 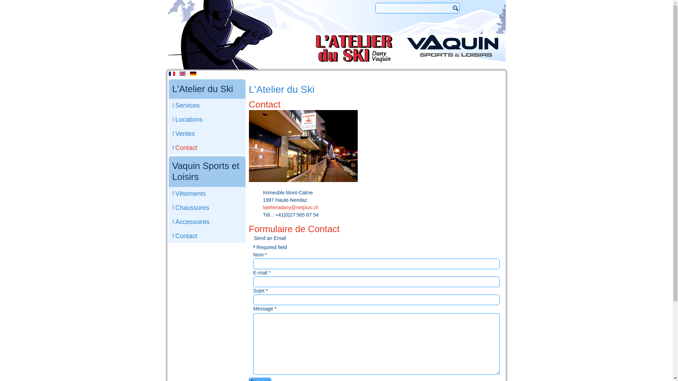 I want to click on 'Contact', so click(x=206, y=236).